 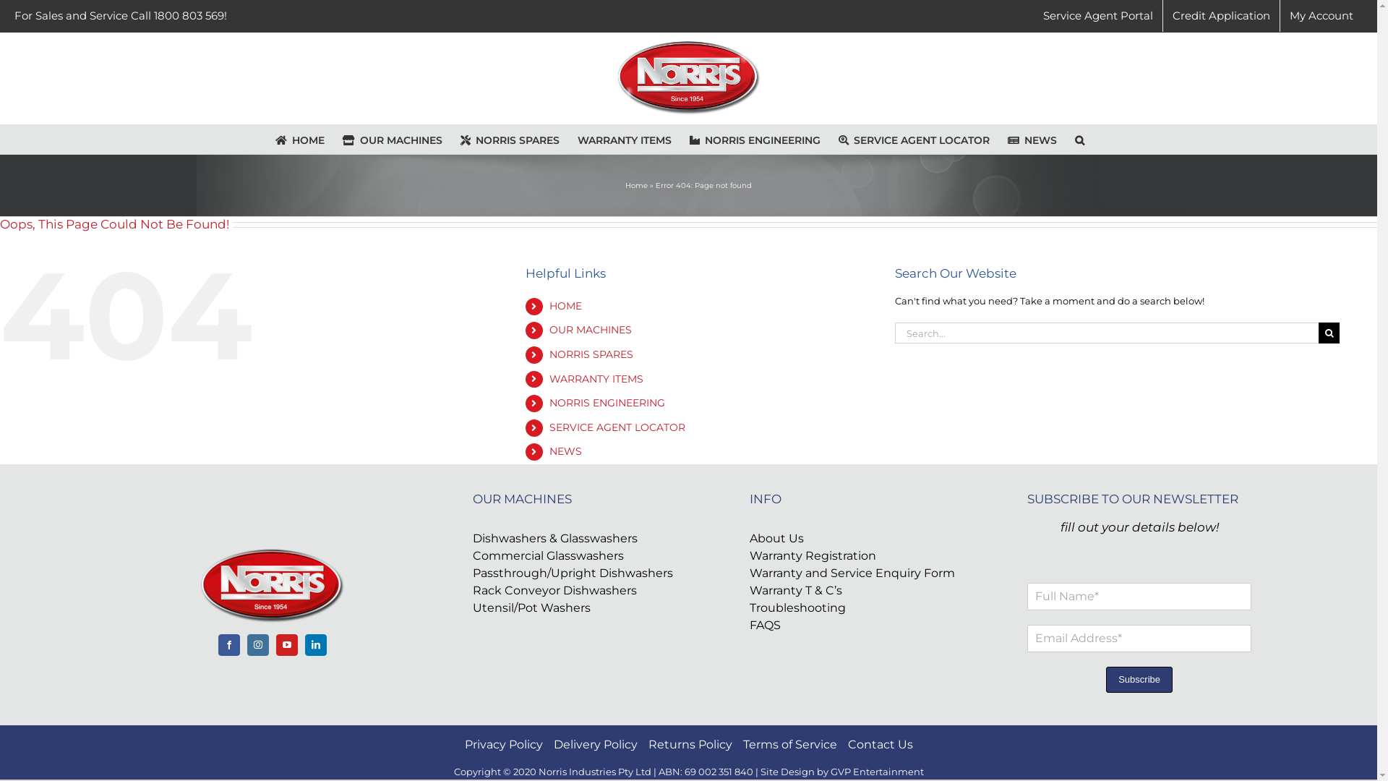 What do you see at coordinates (585, 555) in the screenshot?
I see `'Commercial Glasswashers'` at bounding box center [585, 555].